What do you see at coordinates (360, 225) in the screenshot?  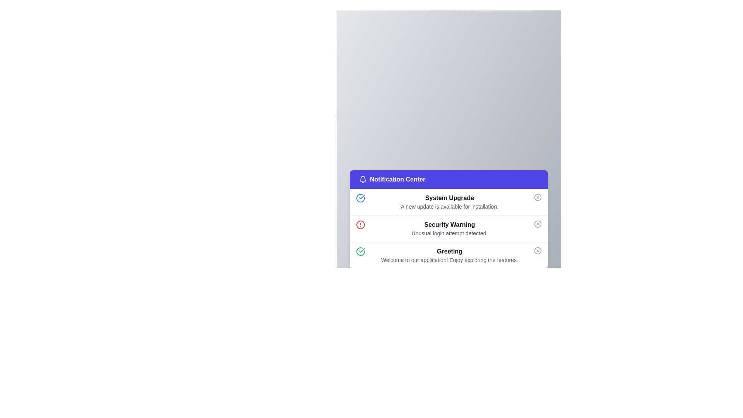 I see `the visual alert represented by the warning icon located to the left of the 'Security Warning' text in the second notification entry` at bounding box center [360, 225].